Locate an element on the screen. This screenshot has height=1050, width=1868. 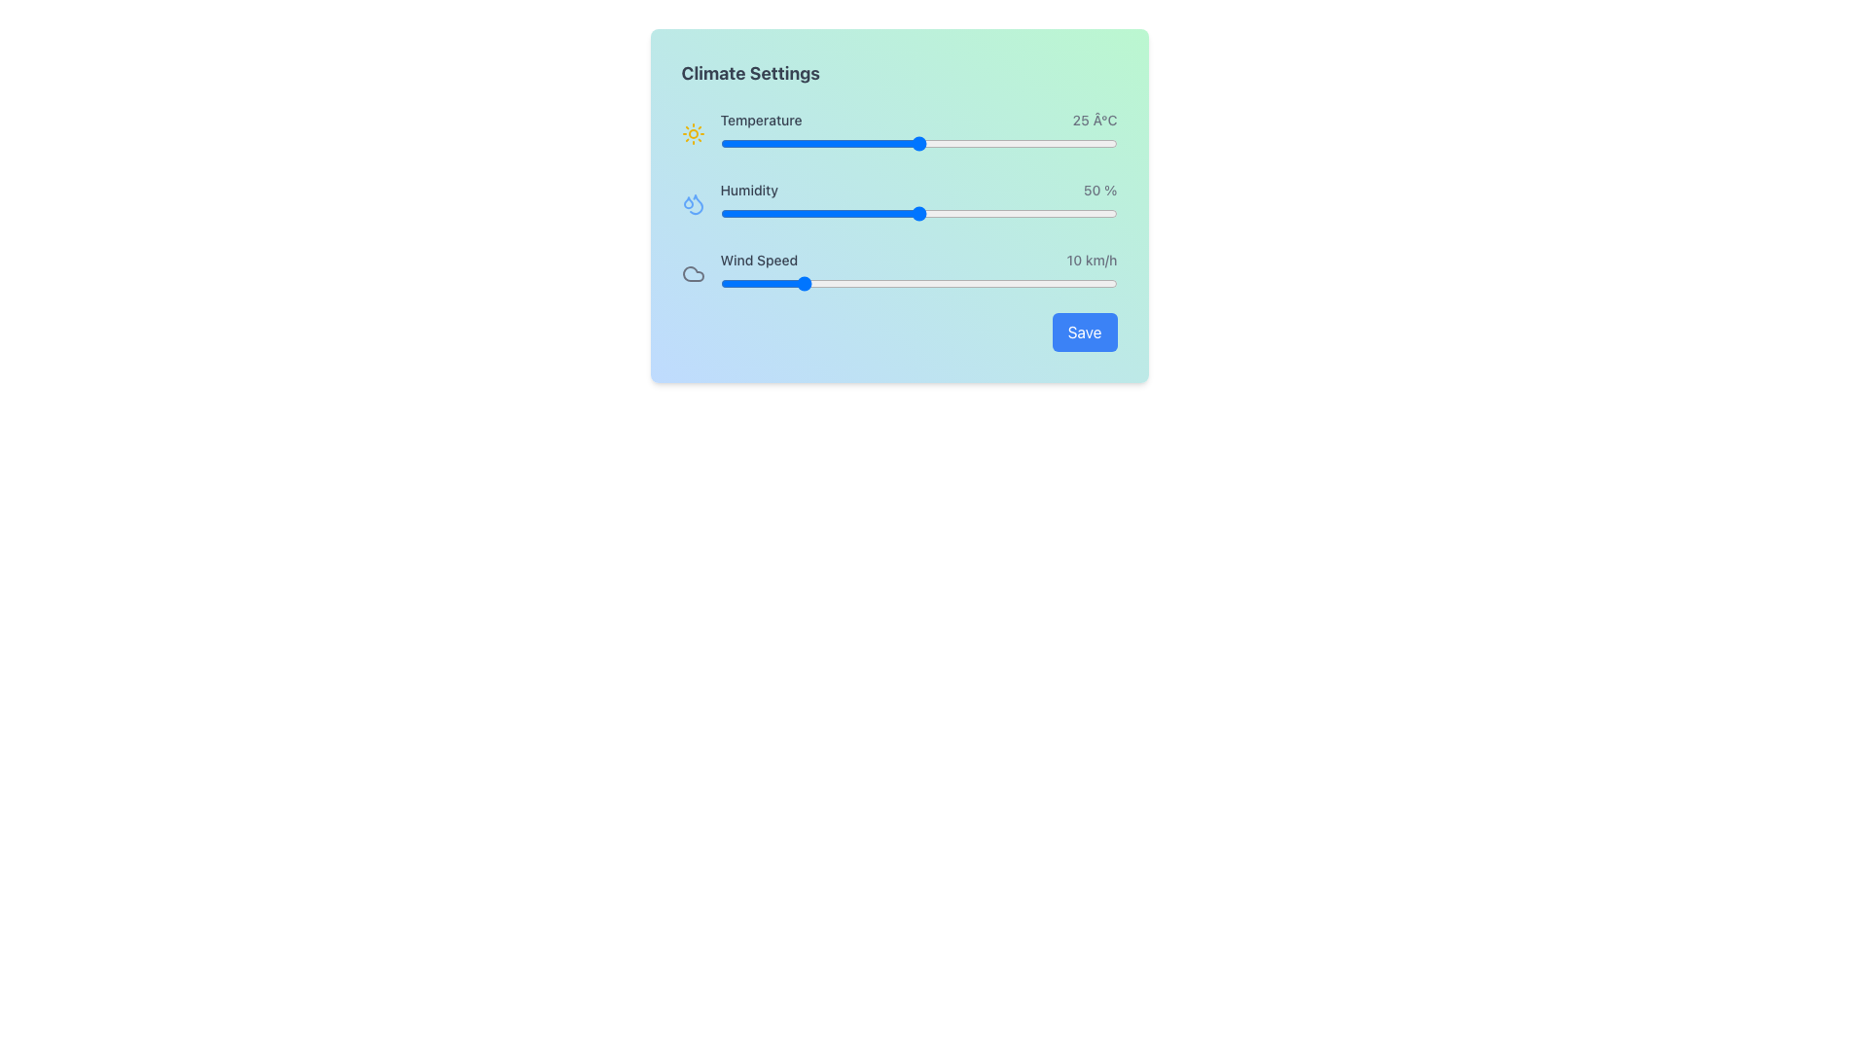
the text element displaying the temperature value '25 °C', which is styled with a gray font and medium-sized sans-serif font, located on the right side of the horizontal slider labeled 'Temperature' is located at coordinates (1095, 120).